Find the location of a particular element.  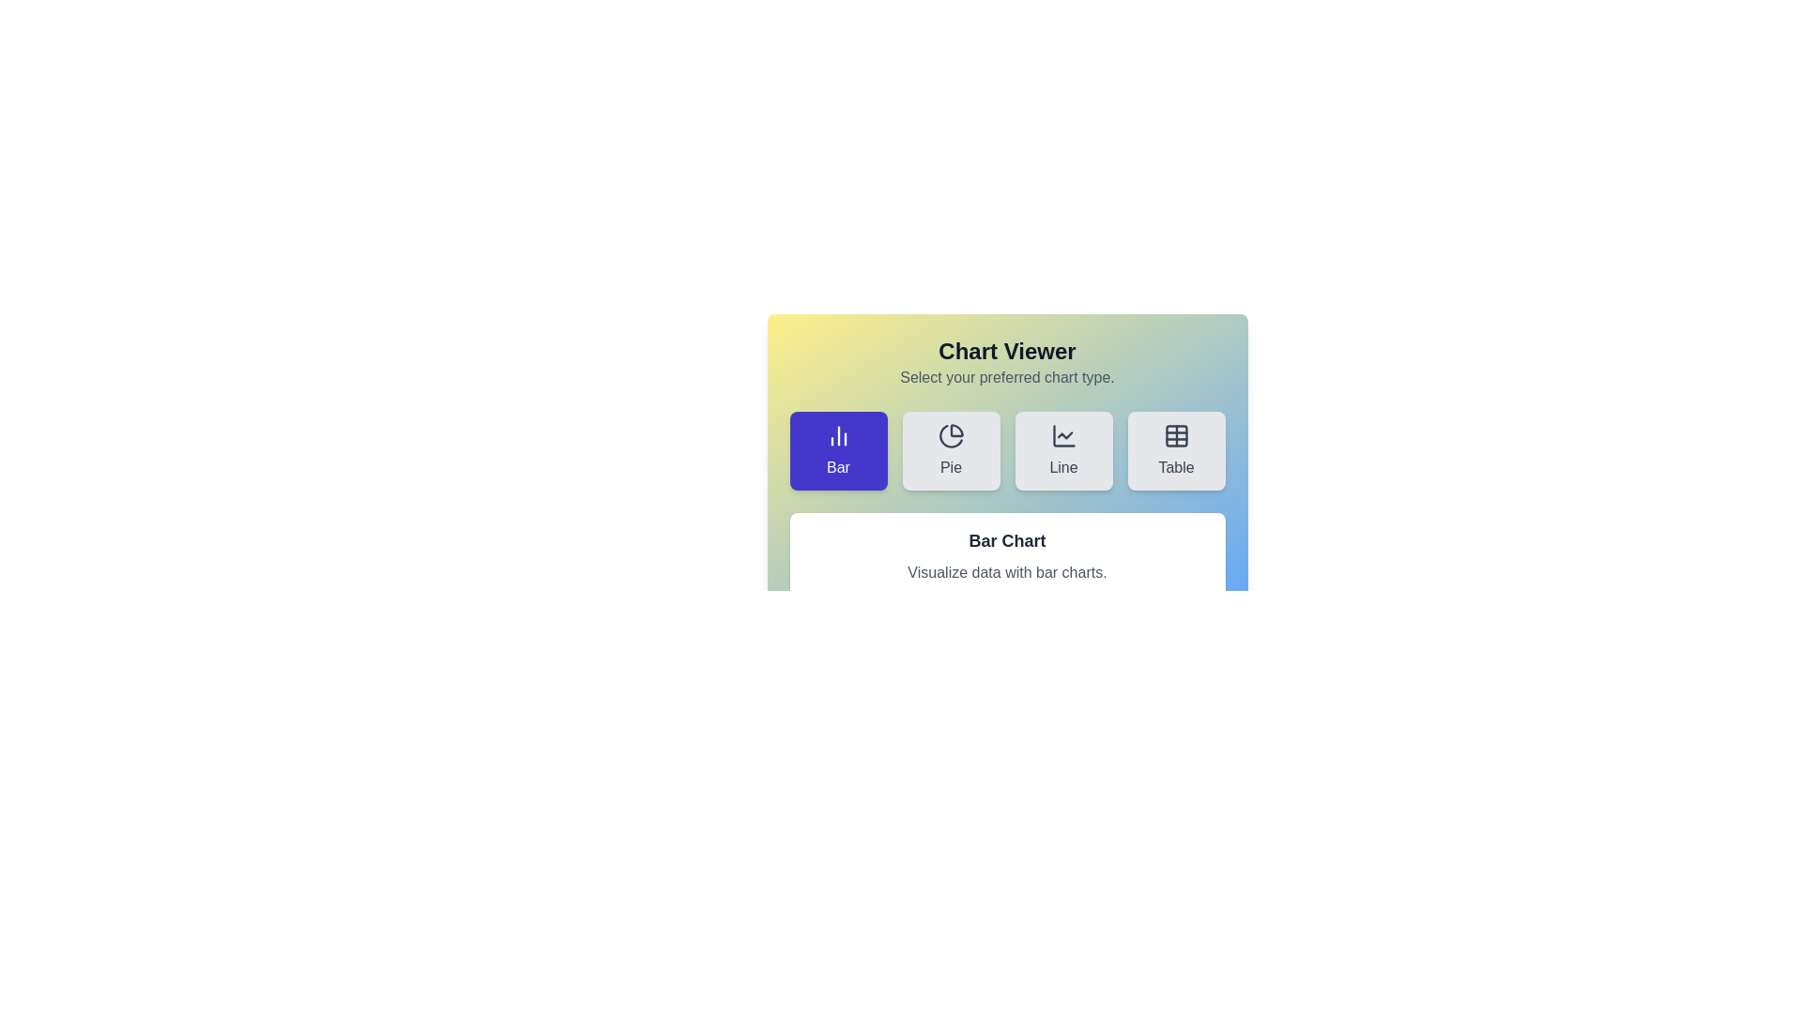

text label 'Bar' which is styled in white on a dark indigo background, located within a button structure among other chart type selection buttons is located at coordinates (837, 466).